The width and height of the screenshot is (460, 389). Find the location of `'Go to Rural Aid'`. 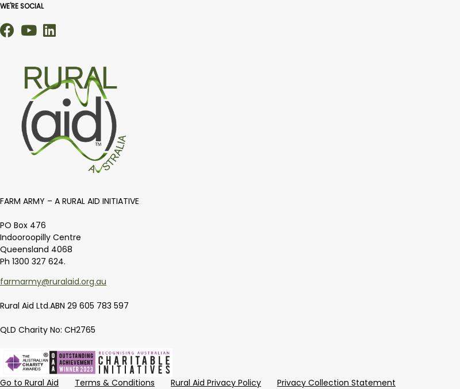

'Go to Rural Aid' is located at coordinates (0, 382).